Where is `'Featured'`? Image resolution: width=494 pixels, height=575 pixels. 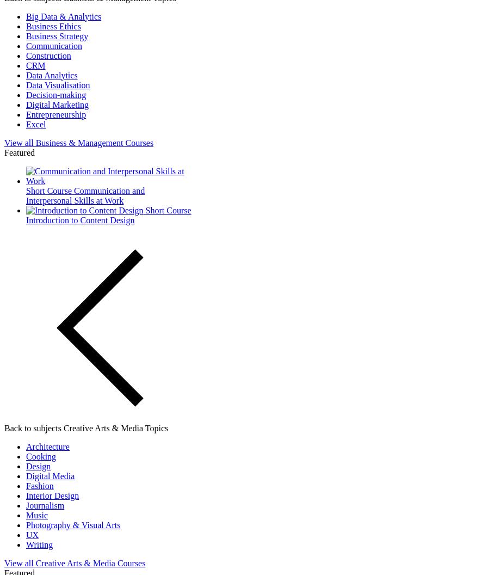
'Featured' is located at coordinates (18, 152).